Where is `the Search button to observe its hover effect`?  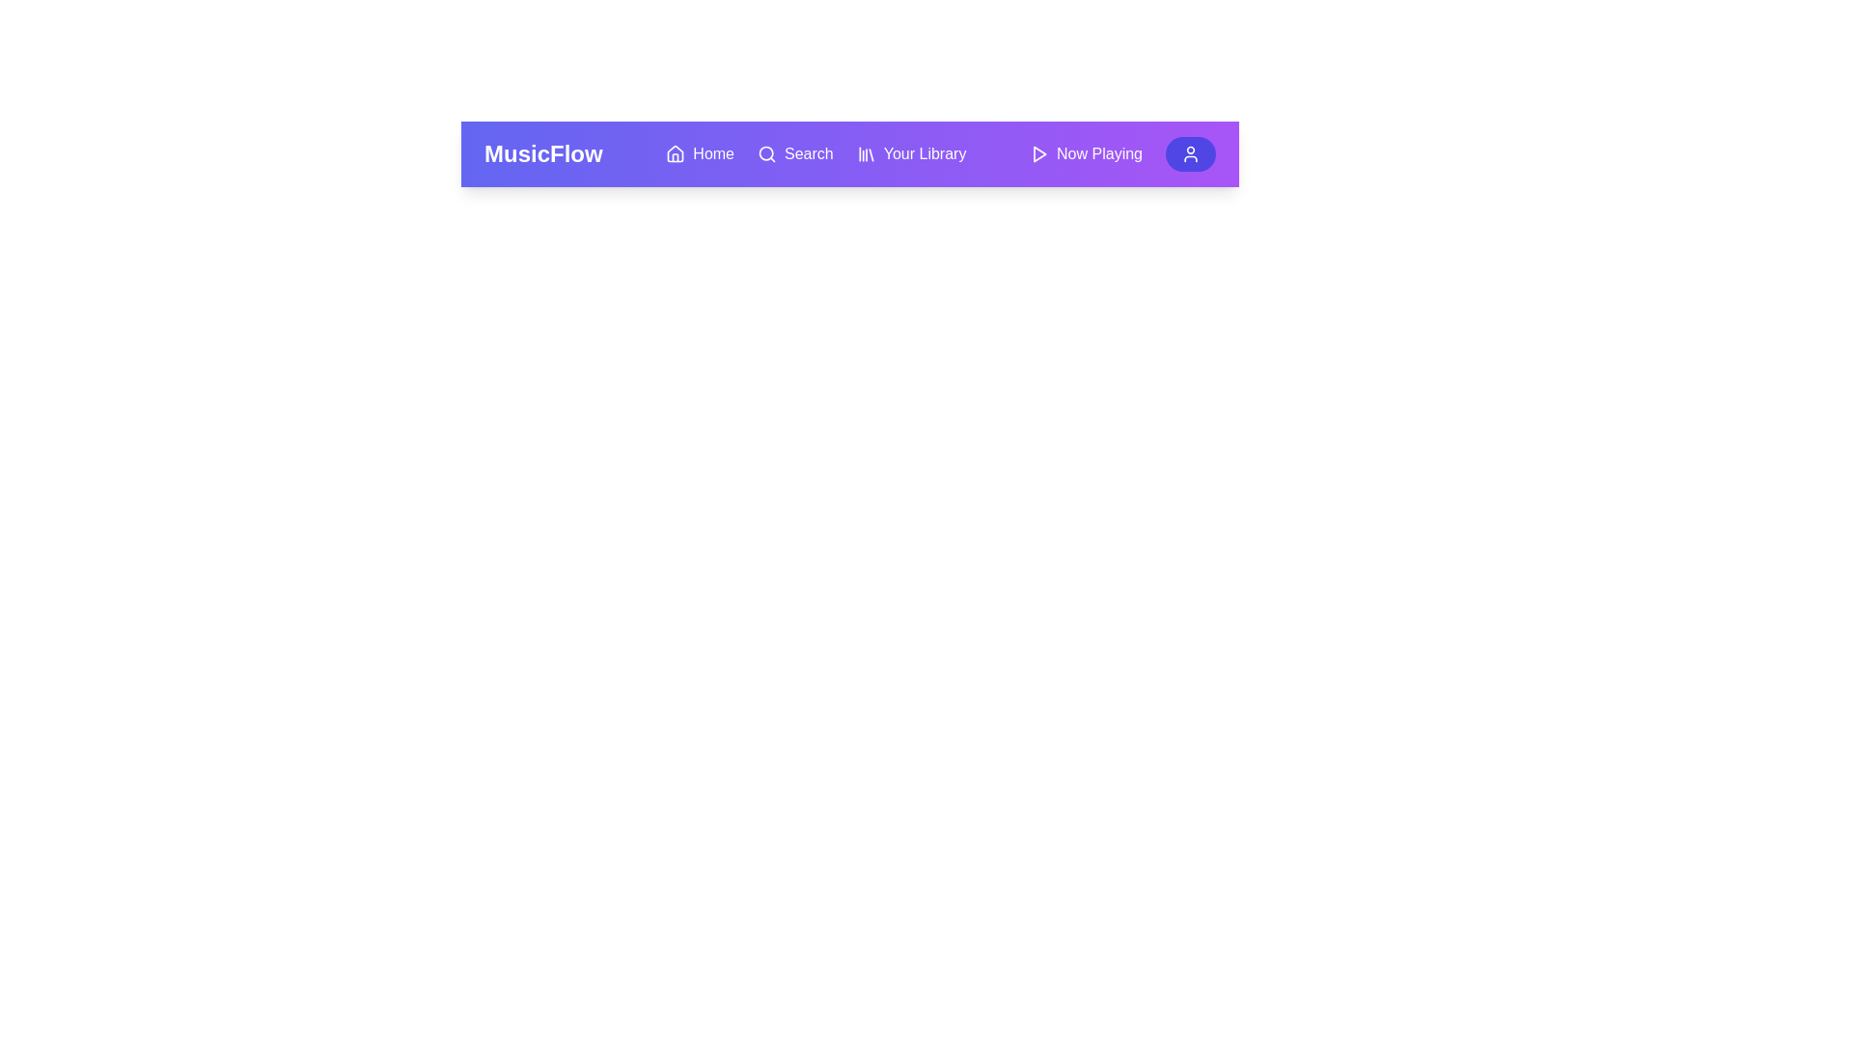 the Search button to observe its hover effect is located at coordinates (795, 152).